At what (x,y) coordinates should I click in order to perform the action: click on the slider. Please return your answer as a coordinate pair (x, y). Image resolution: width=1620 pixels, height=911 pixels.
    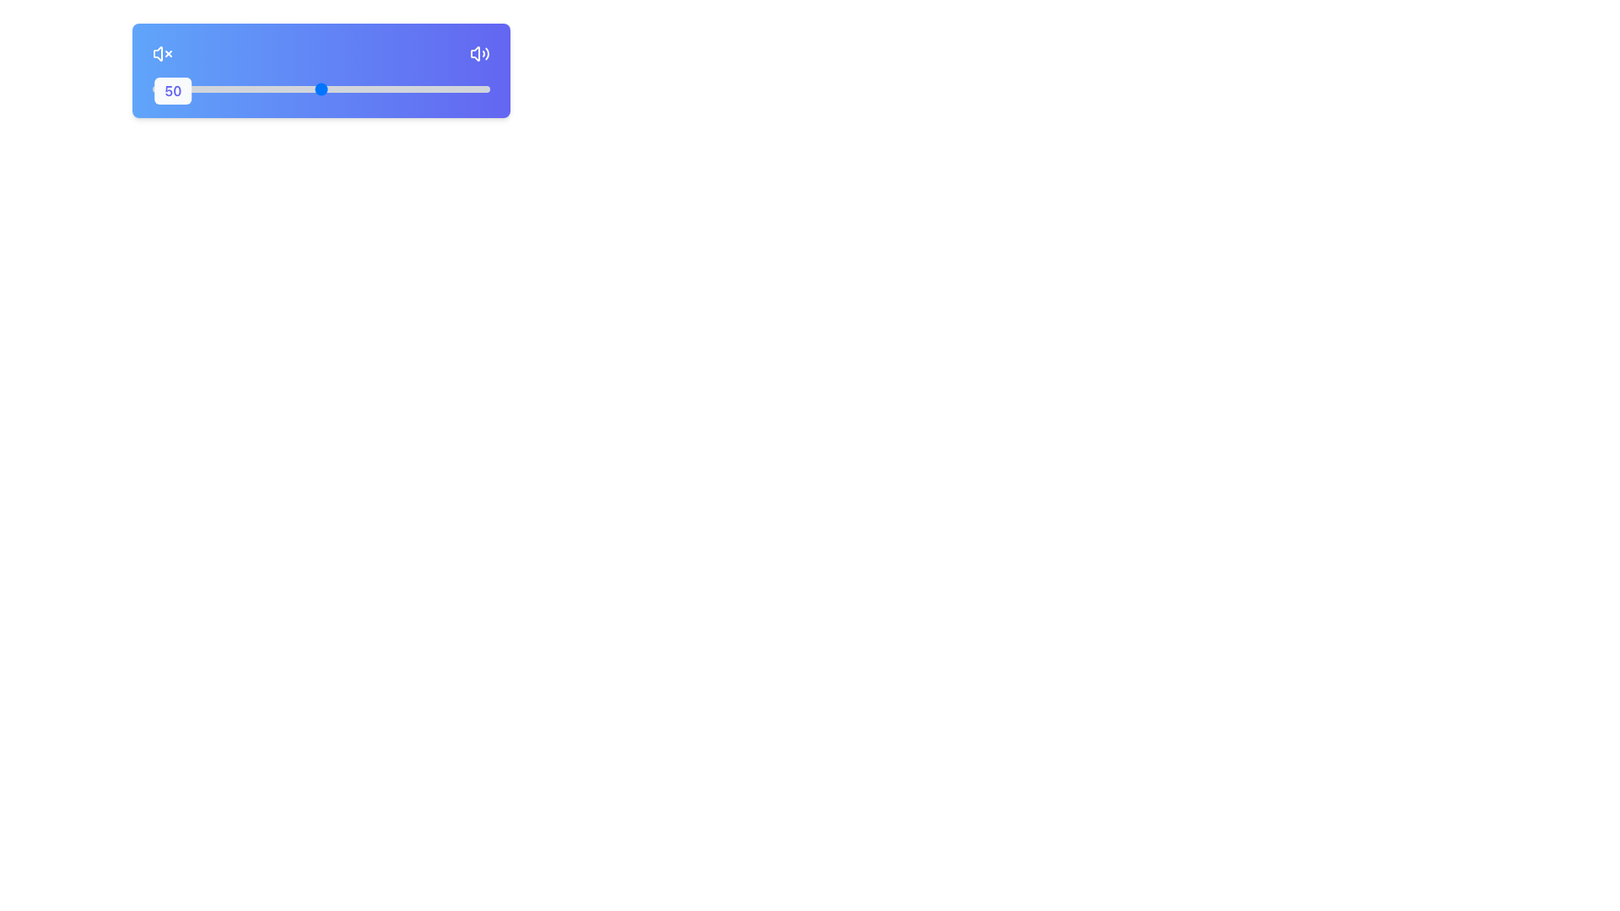
    Looking at the image, I should click on (199, 89).